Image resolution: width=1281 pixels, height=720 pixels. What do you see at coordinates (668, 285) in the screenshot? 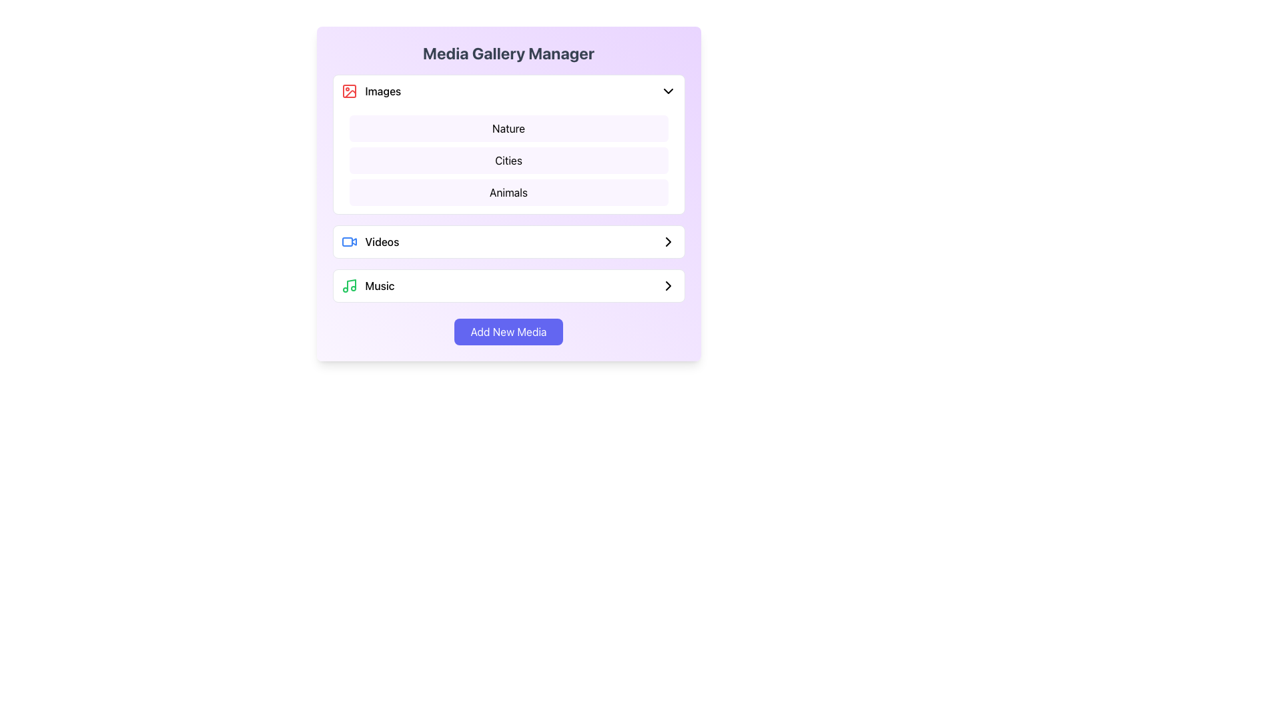
I see `the navigation icon located at the far right of the 'Music' section` at bounding box center [668, 285].